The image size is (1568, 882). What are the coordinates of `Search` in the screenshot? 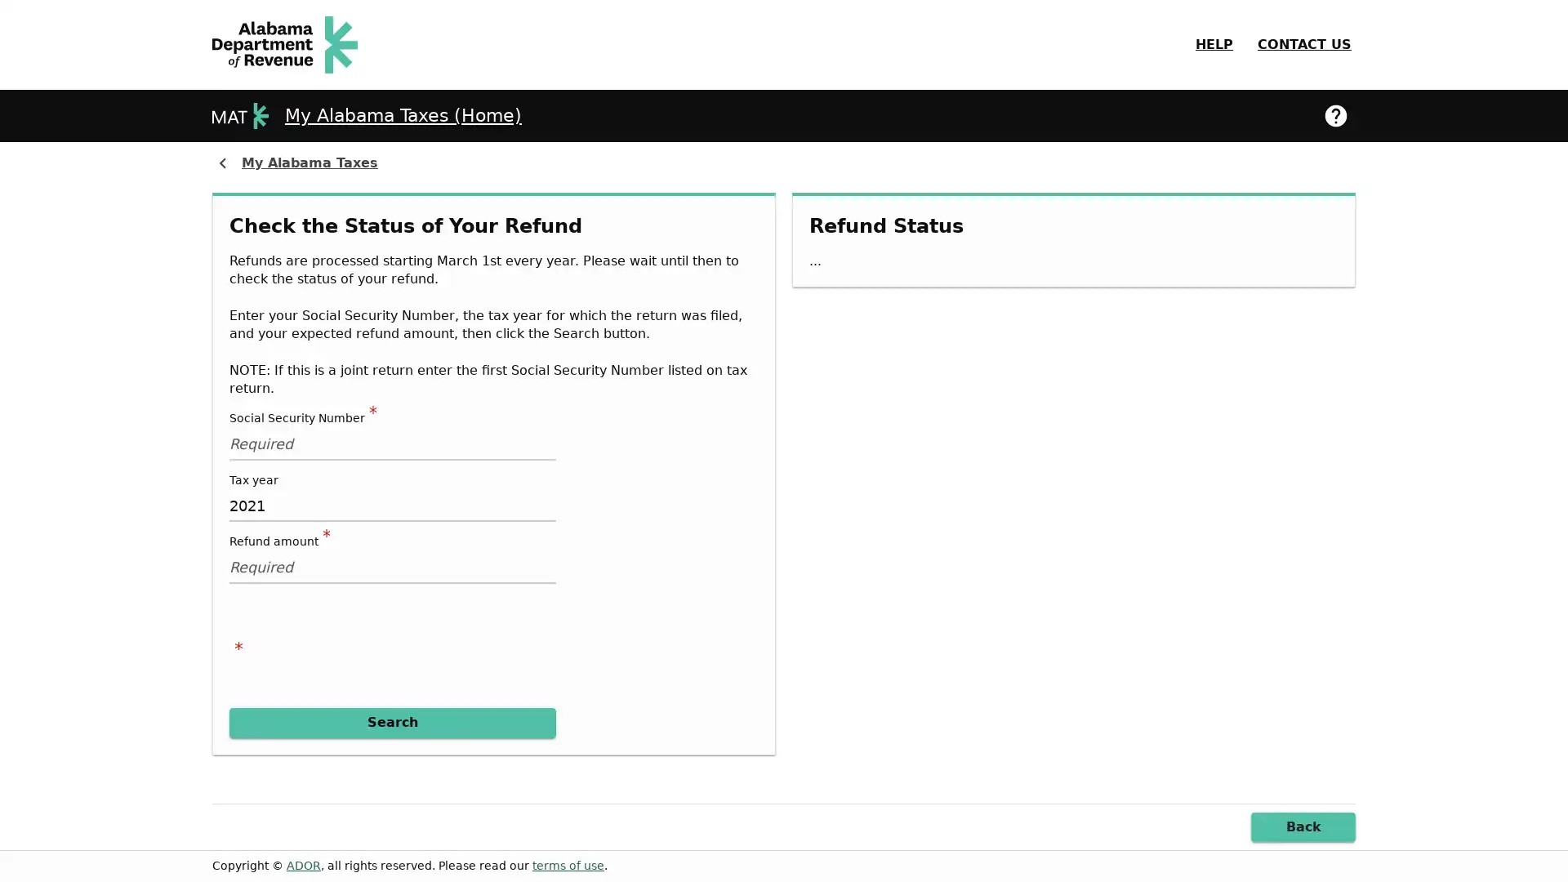 It's located at (392, 721).